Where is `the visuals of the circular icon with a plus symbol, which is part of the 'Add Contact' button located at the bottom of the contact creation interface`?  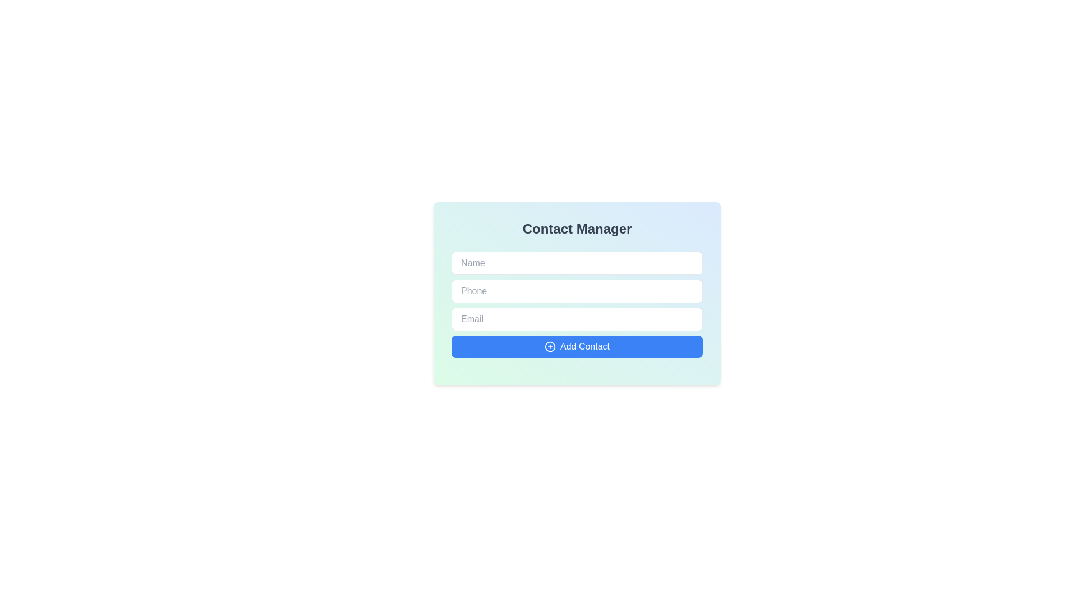 the visuals of the circular icon with a plus symbol, which is part of the 'Add Contact' button located at the bottom of the contact creation interface is located at coordinates (550, 346).